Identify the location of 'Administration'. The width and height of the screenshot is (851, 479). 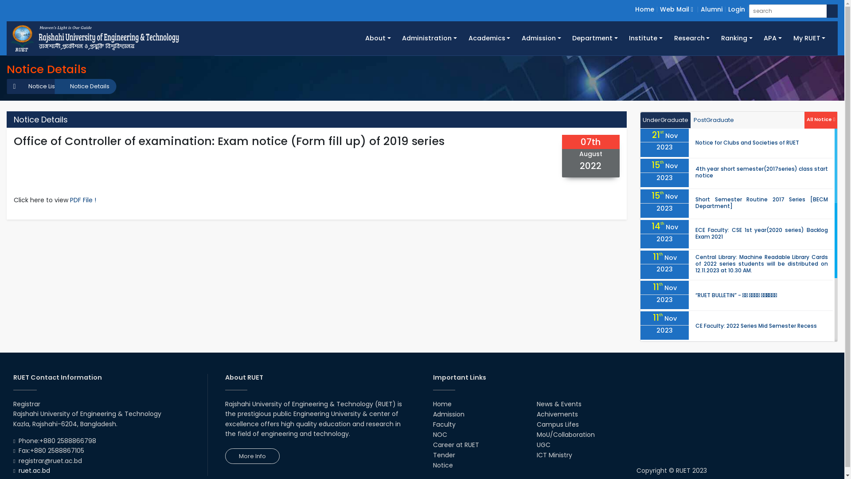
(429, 38).